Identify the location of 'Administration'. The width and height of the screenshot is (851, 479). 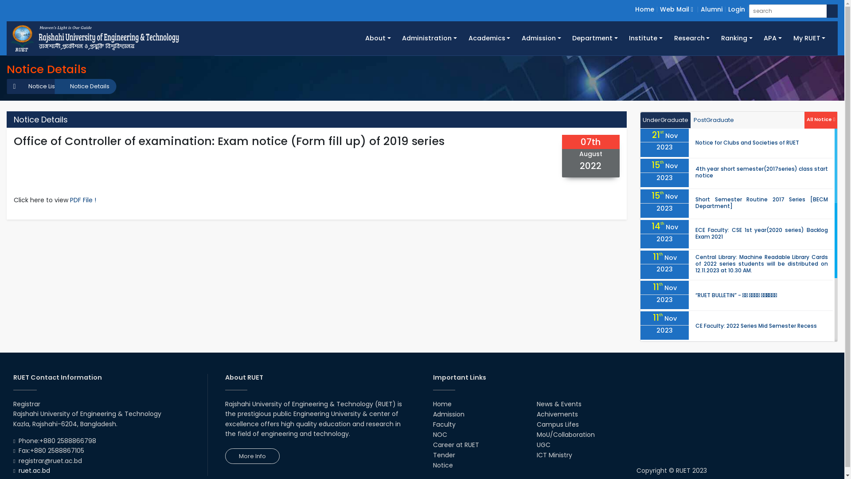
(429, 38).